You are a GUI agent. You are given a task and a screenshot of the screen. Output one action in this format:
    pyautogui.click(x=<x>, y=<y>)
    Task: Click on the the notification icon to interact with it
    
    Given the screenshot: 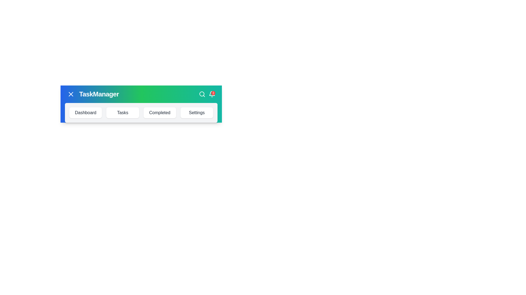 What is the action you would take?
    pyautogui.click(x=211, y=94)
    